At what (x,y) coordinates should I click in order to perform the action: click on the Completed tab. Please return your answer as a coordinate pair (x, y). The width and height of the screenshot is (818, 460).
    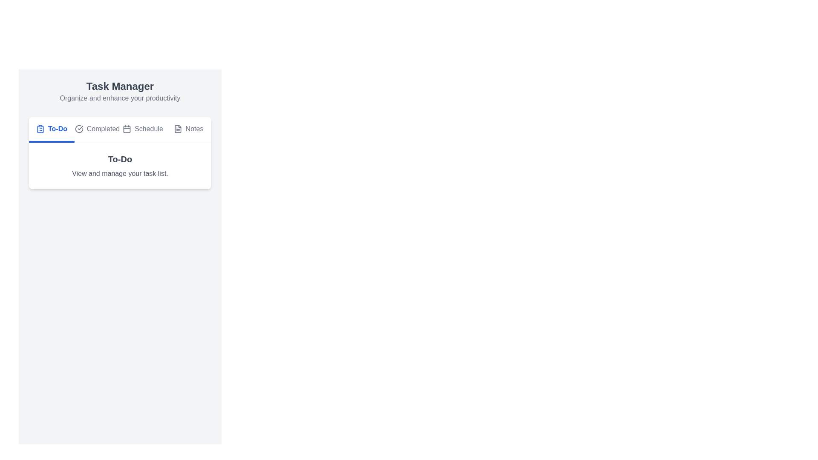
    Looking at the image, I should click on (97, 129).